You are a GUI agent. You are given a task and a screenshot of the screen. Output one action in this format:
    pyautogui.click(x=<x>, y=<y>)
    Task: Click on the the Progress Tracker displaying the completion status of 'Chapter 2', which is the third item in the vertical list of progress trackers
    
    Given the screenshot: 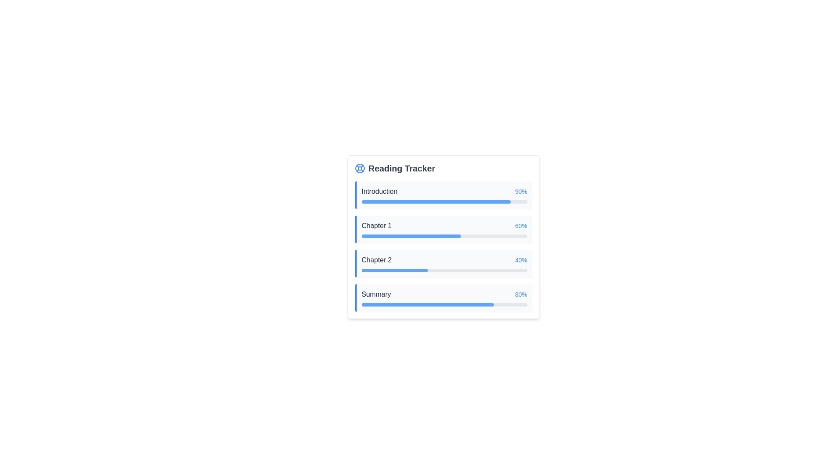 What is the action you would take?
    pyautogui.click(x=443, y=263)
    